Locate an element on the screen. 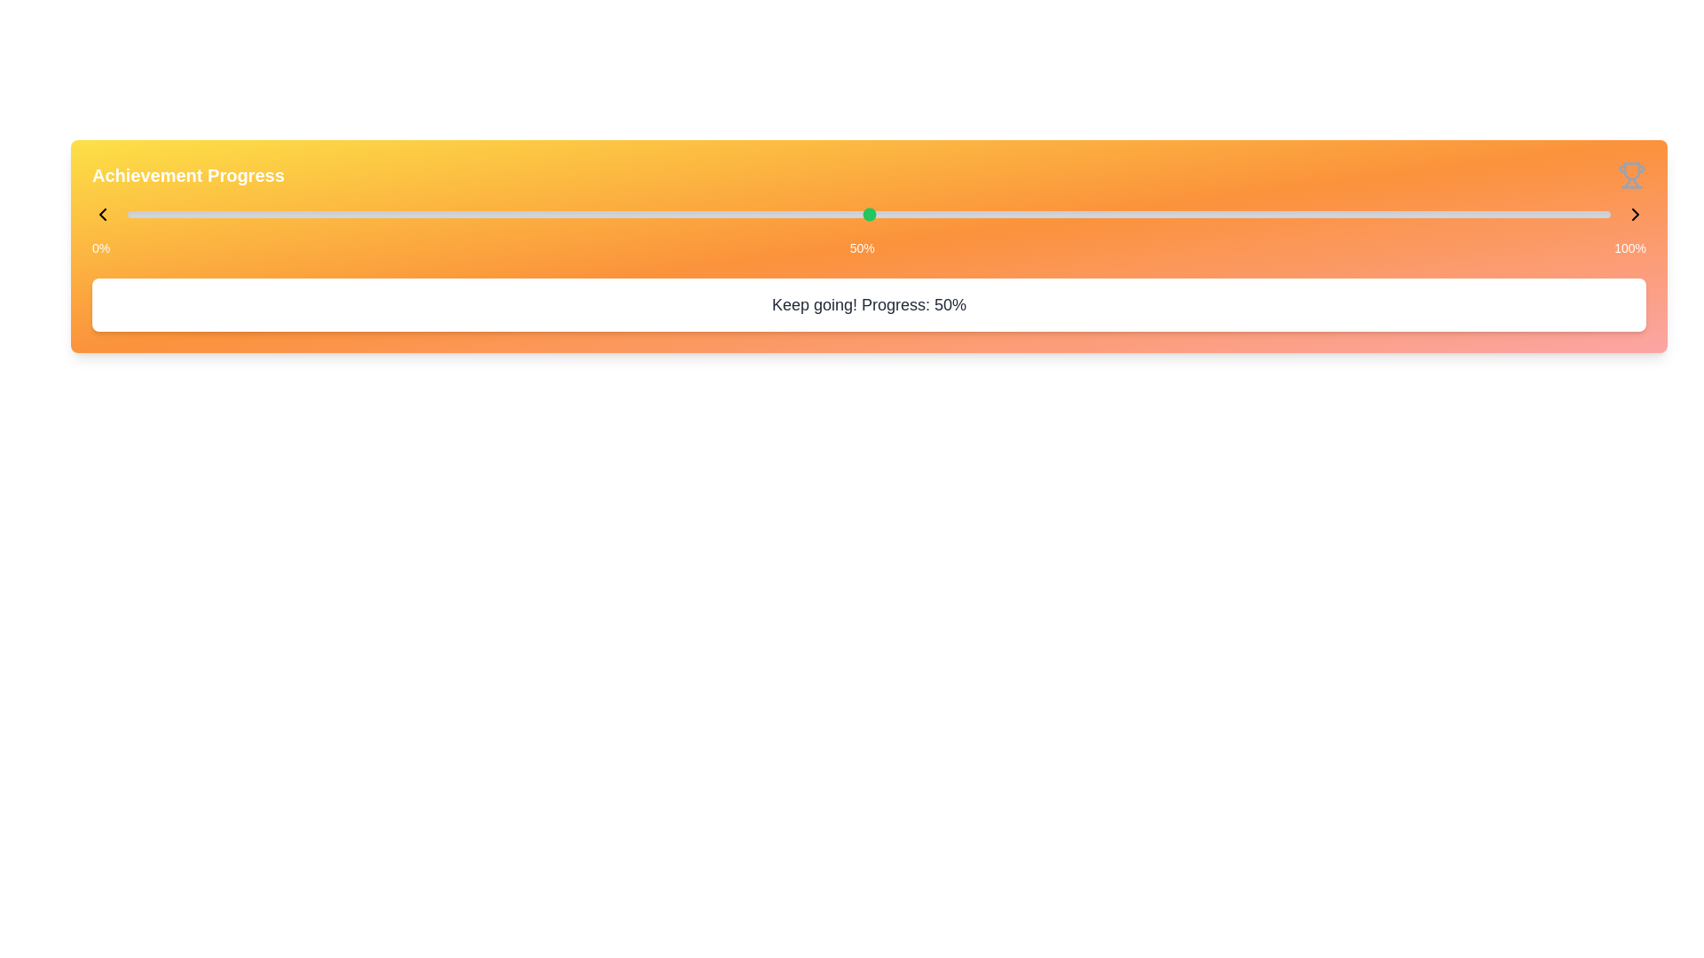  the progress is located at coordinates (1596, 210).